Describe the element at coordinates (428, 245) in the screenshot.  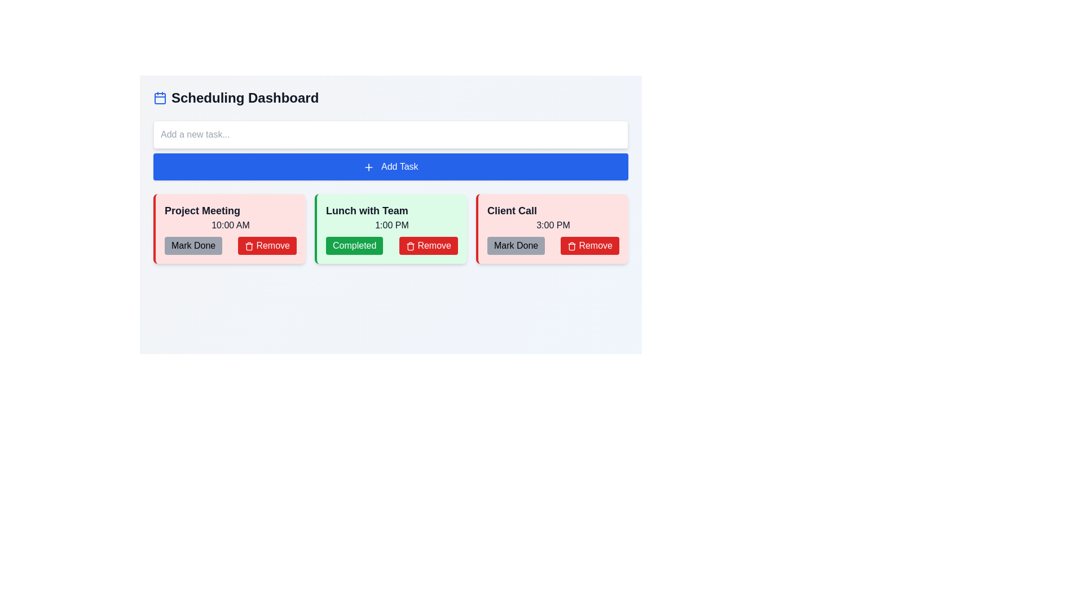
I see `the 'Remove' button with a red background and trash can icon, located in the second task card labeled 'Lunch with Team'` at that location.